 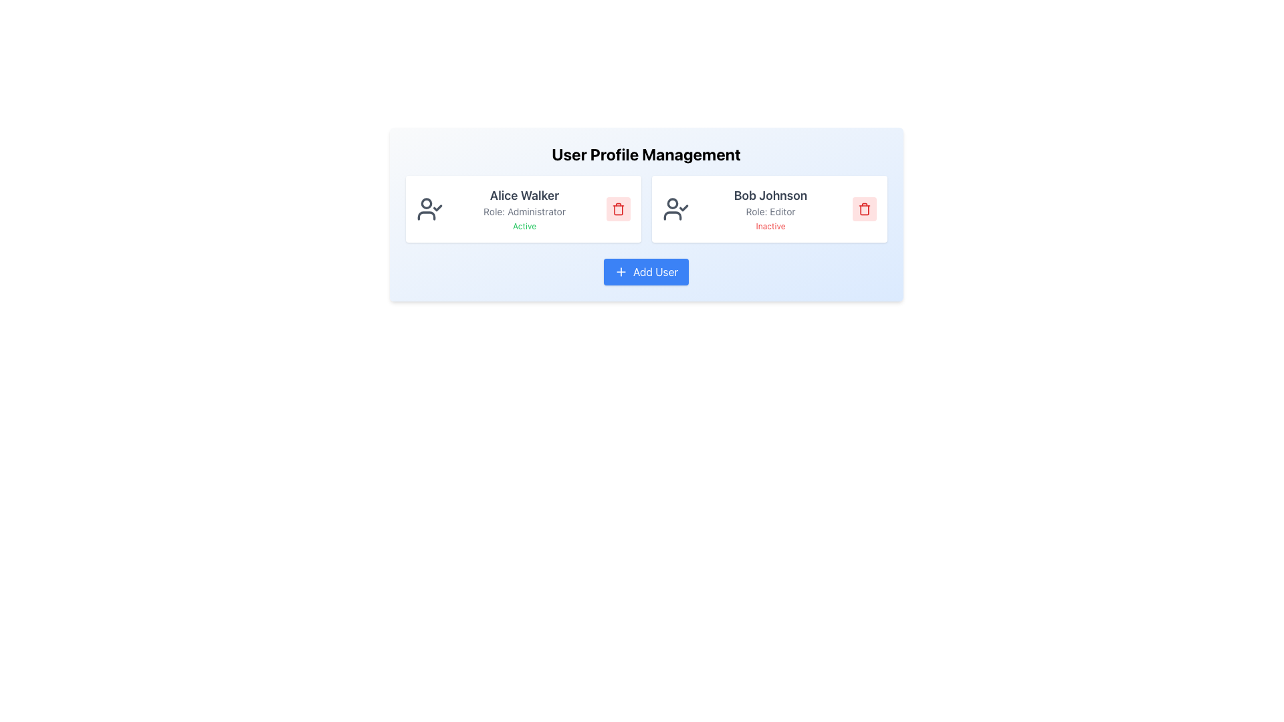 I want to click on the text label displaying the name 'Alice Walker', which serves as the primary identifier for the user's card in the profile management section, so click(x=524, y=196).